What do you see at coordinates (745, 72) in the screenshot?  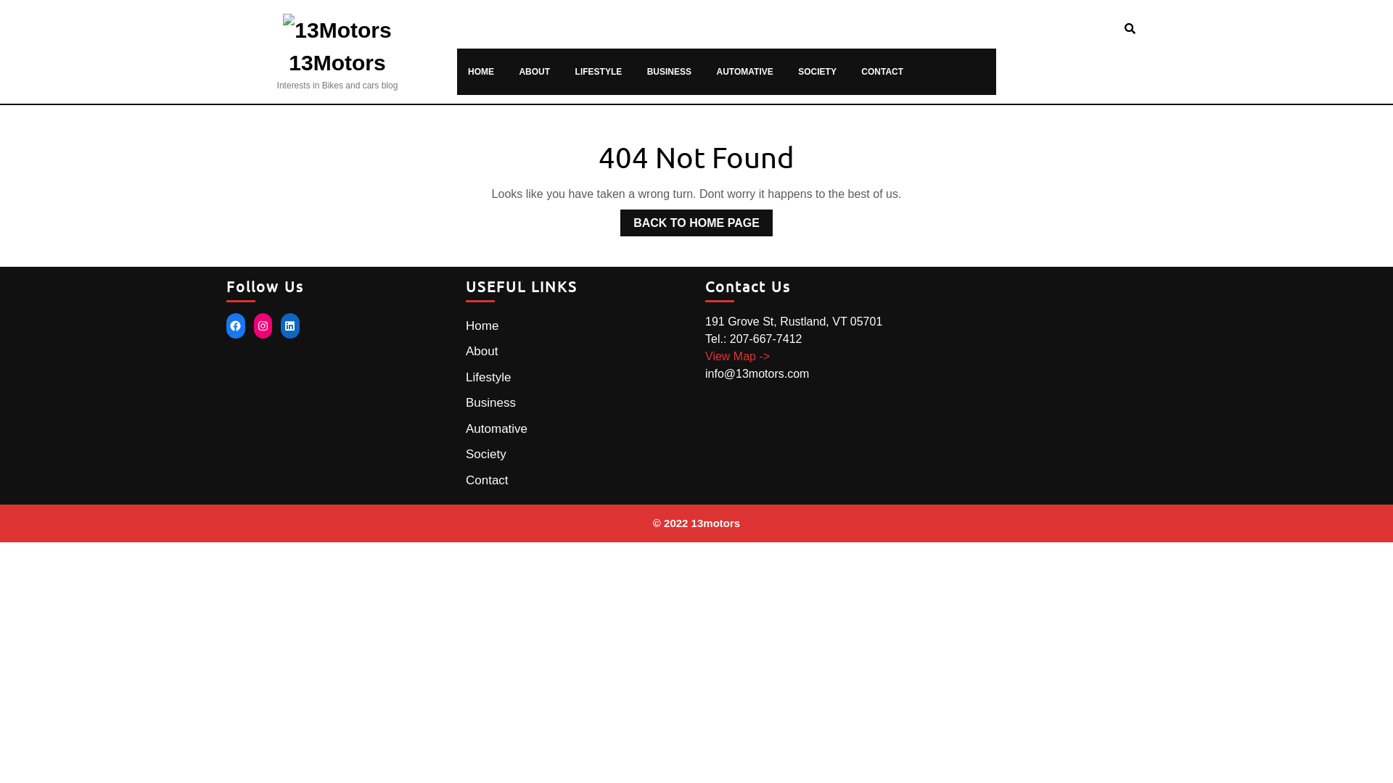 I see `'AUTOMATIVE'` at bounding box center [745, 72].